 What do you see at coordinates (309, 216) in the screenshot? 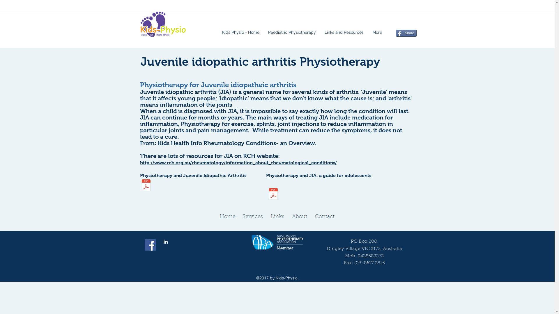
I see `'Contact Kids-Physio'` at bounding box center [309, 216].